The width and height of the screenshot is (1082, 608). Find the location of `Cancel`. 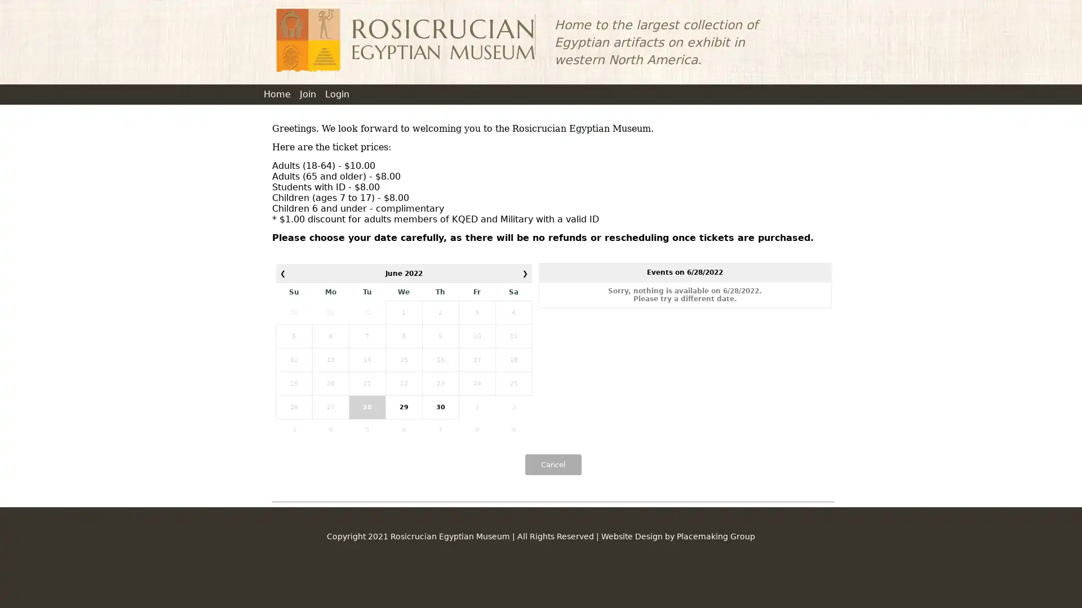

Cancel is located at coordinates (552, 464).